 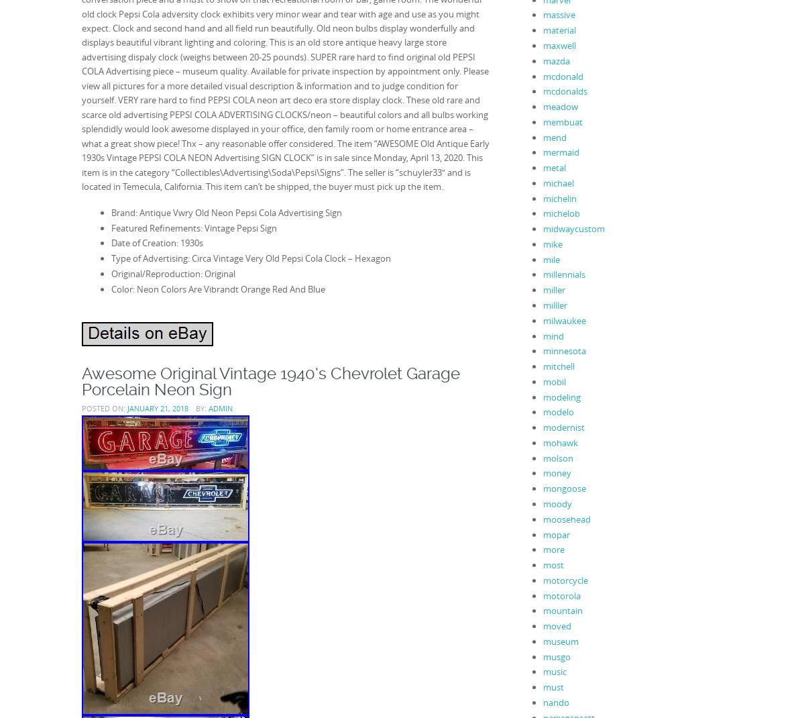 What do you see at coordinates (542, 243) in the screenshot?
I see `'mike'` at bounding box center [542, 243].